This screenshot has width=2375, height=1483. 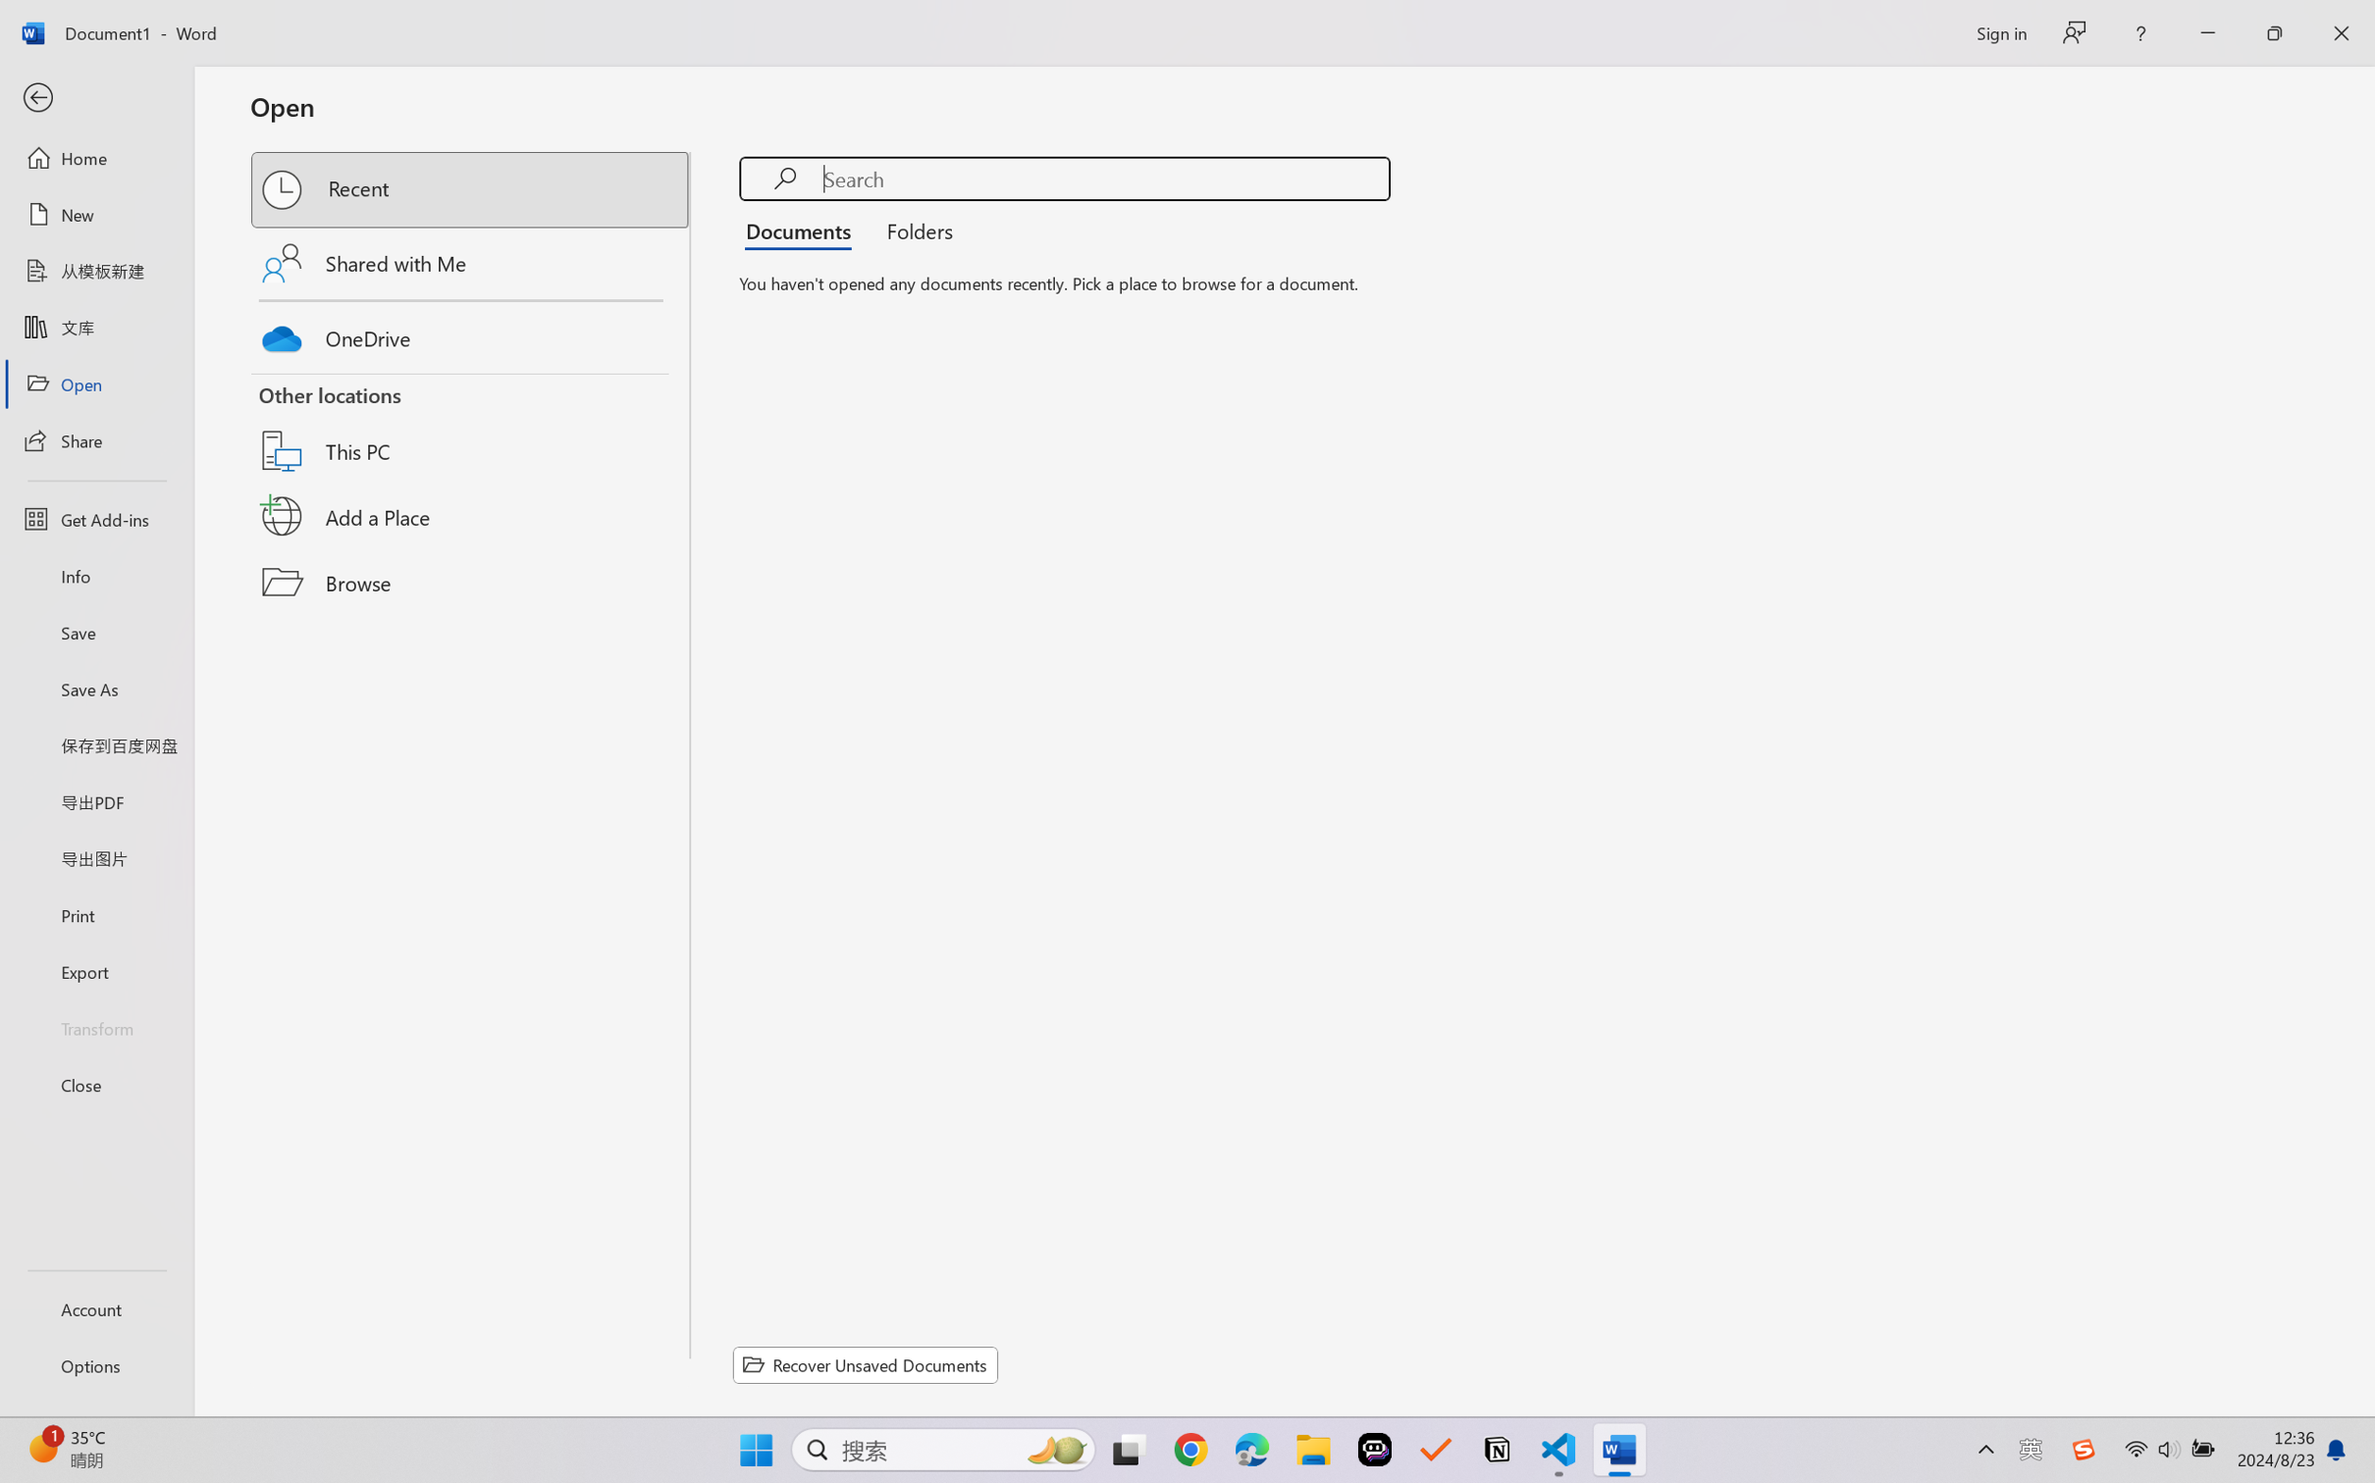 What do you see at coordinates (95, 1308) in the screenshot?
I see `'Account'` at bounding box center [95, 1308].